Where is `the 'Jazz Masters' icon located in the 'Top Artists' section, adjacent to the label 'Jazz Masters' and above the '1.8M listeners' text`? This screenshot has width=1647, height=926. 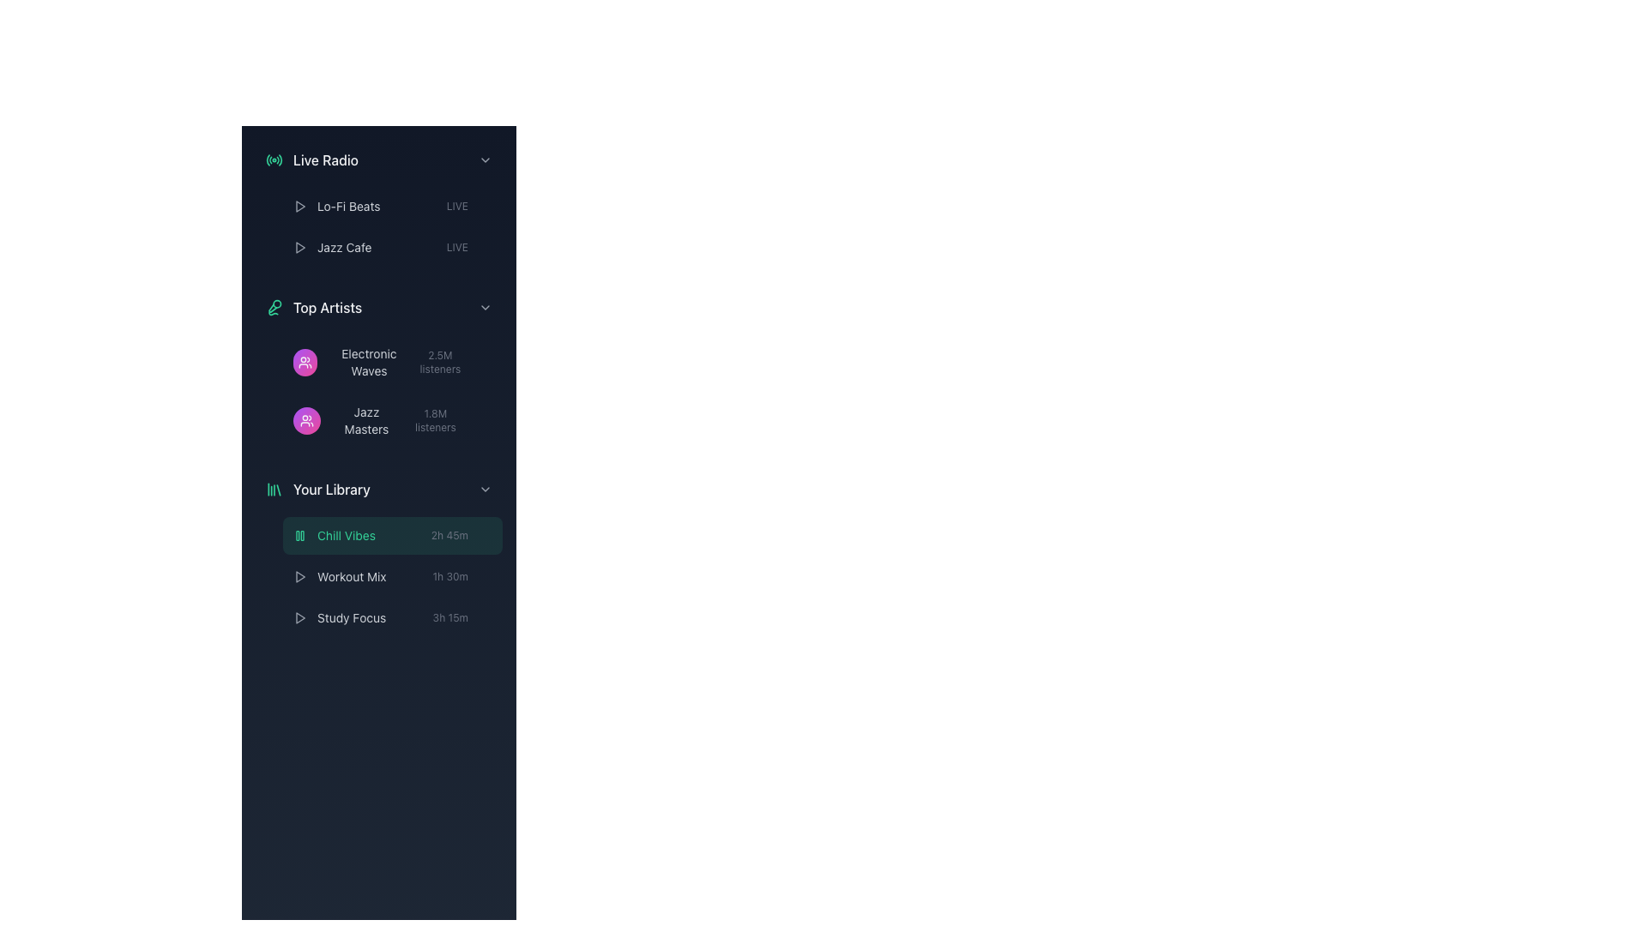 the 'Jazz Masters' icon located in the 'Top Artists' section, adjacent to the label 'Jazz Masters' and above the '1.8M listeners' text is located at coordinates (306, 420).